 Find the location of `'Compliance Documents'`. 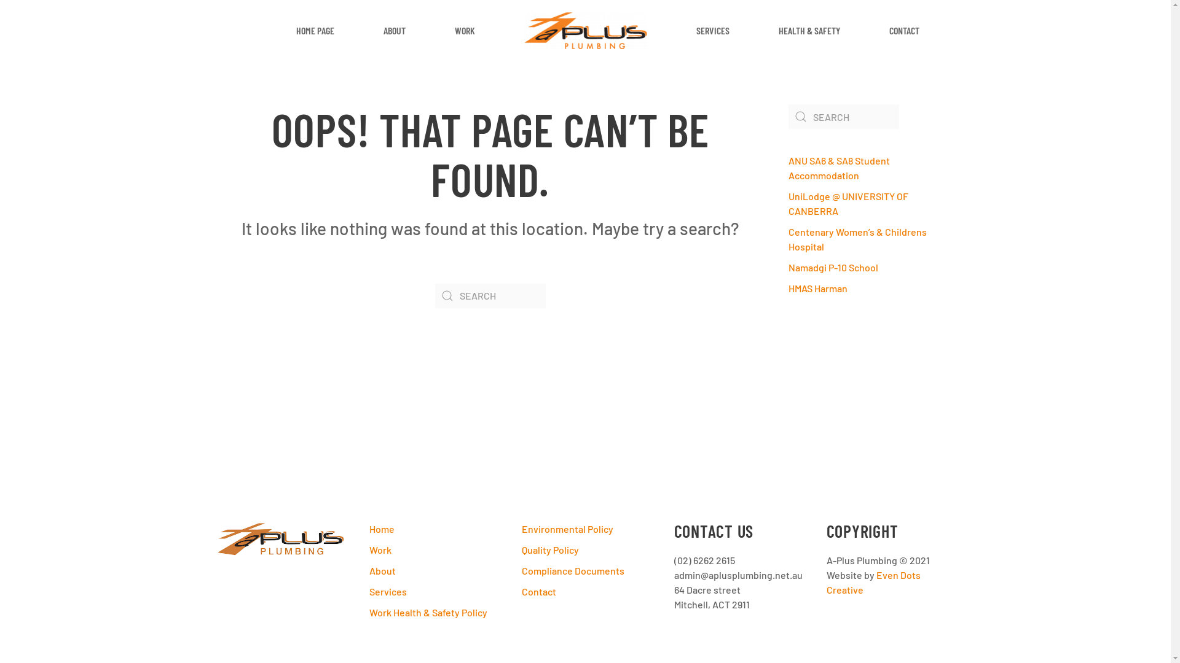

'Compliance Documents' is located at coordinates (521, 570).